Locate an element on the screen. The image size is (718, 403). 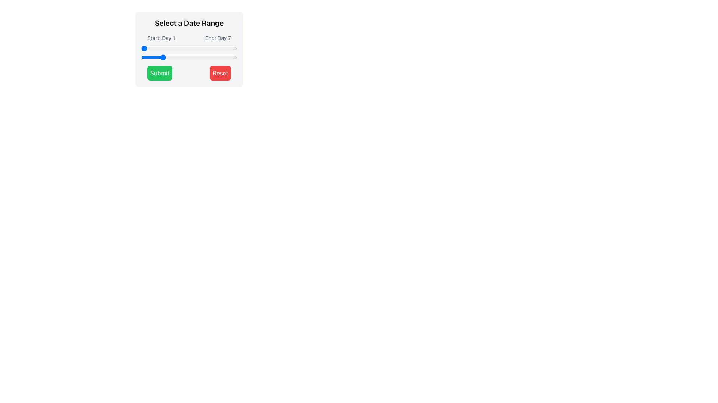
the slider is located at coordinates (164, 57).